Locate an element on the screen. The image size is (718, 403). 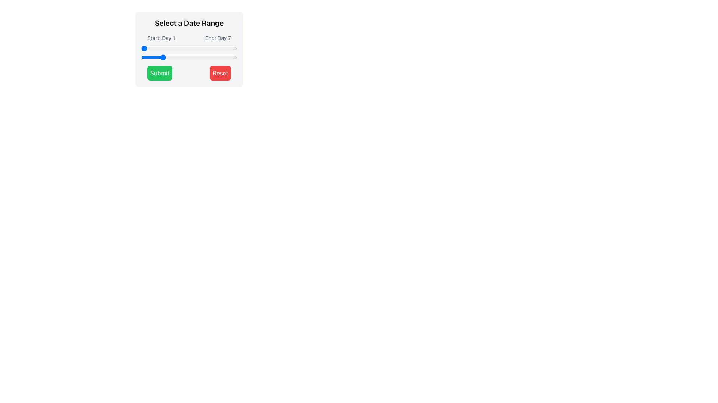
the slider is located at coordinates (164, 57).